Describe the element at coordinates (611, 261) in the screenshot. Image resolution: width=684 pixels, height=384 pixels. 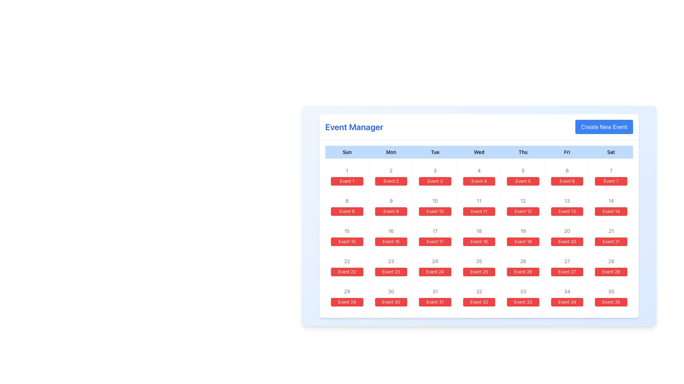
I see `the numeric text '28' styled in gray color, which is located in the final row and sixth column of the calendar grid, above the red rectangular button labeled 'Event 28'` at that location.